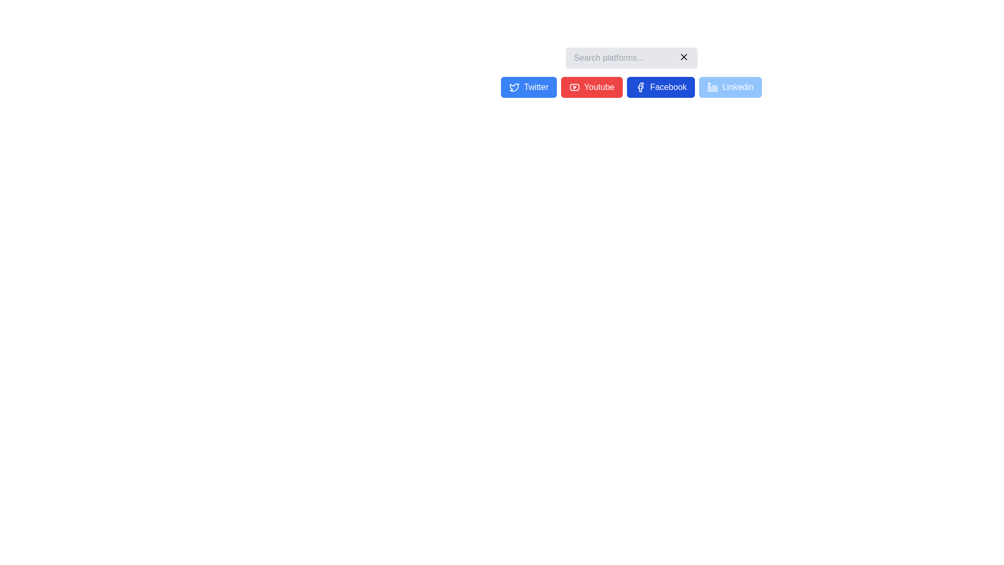  Describe the element at coordinates (529, 86) in the screenshot. I see `the Twitter button located at the top-right section of the interface` at that location.